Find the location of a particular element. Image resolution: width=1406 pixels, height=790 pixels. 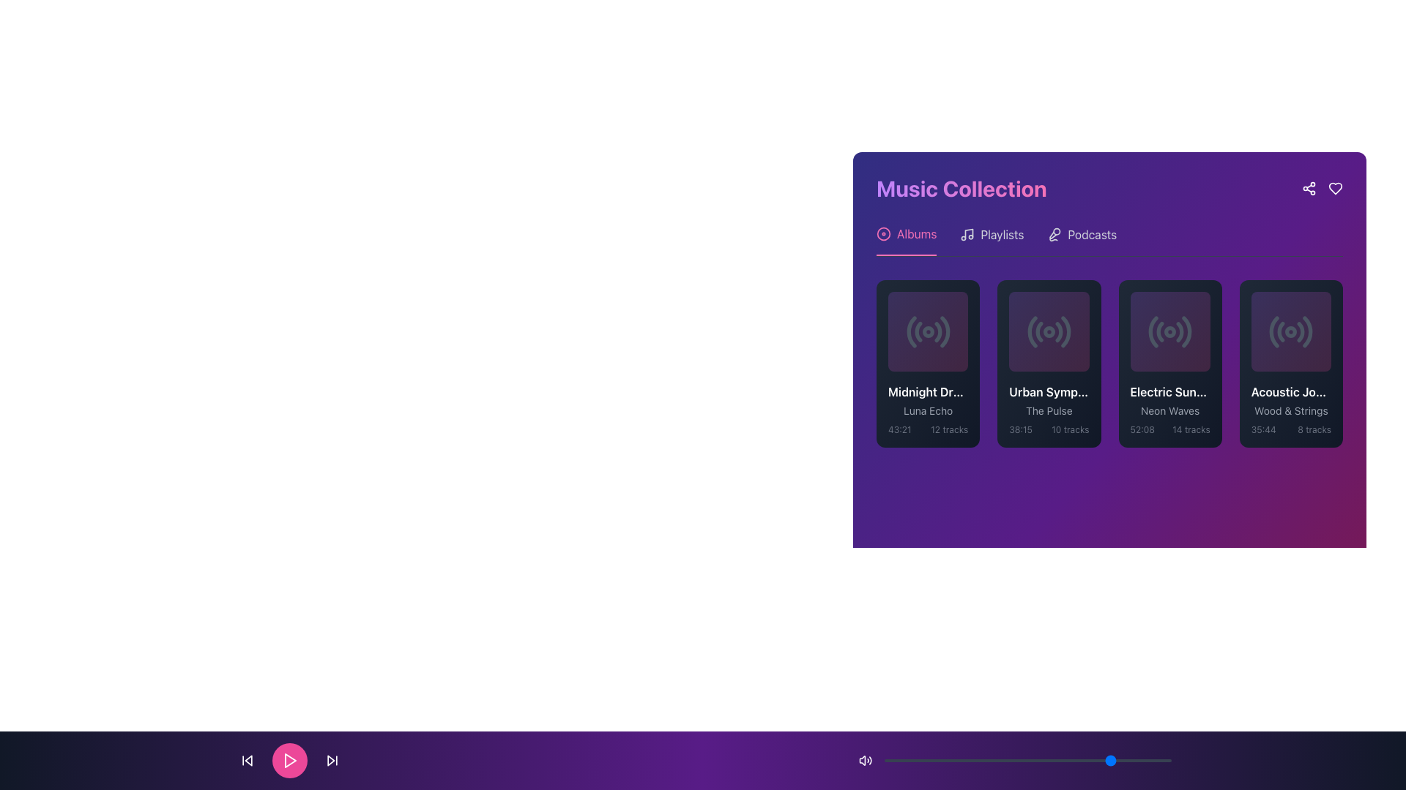

the 'Podcasts' navigation link, which features gray text that turns pink on hover and has a microphone icon to the left of the label is located at coordinates (1082, 239).